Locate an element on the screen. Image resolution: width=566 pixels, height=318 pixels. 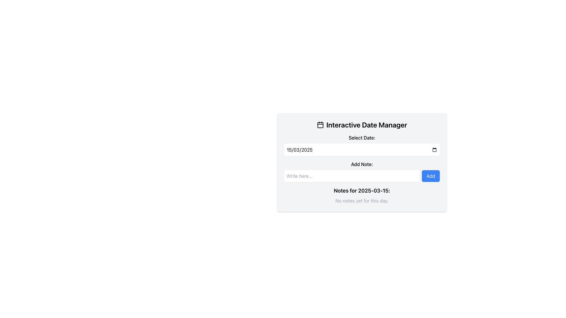
static text display component that contains the notes information for the date 2025-03-15, which shows 'Notes for 2025-03-15:' and 'No notes yet for this day.' is located at coordinates (362, 195).